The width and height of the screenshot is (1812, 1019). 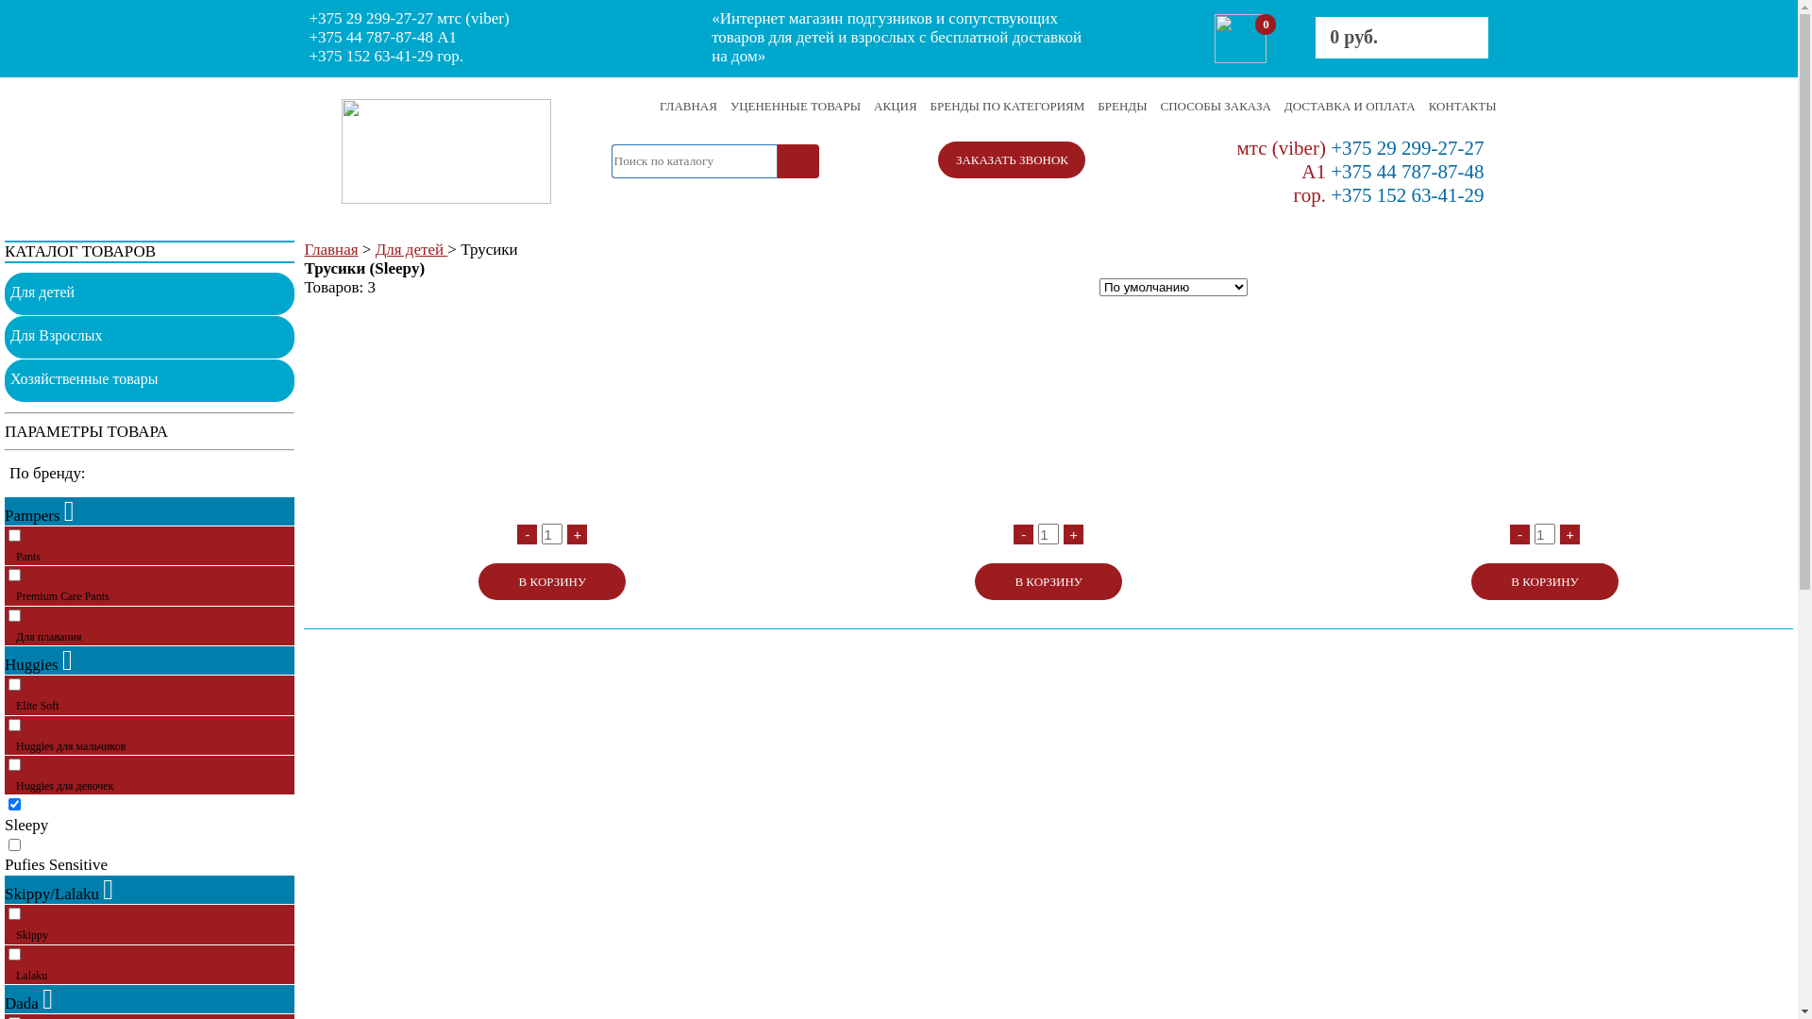 What do you see at coordinates (382, 37) in the screenshot?
I see `'+375 44 787-87-48 A1'` at bounding box center [382, 37].